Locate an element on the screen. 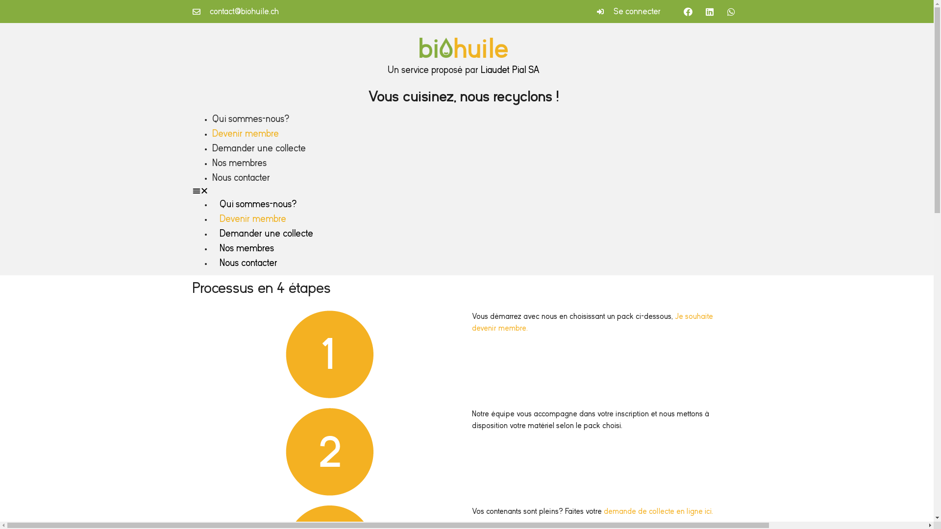 This screenshot has width=941, height=529. 'Devenir membre' is located at coordinates (245, 133).